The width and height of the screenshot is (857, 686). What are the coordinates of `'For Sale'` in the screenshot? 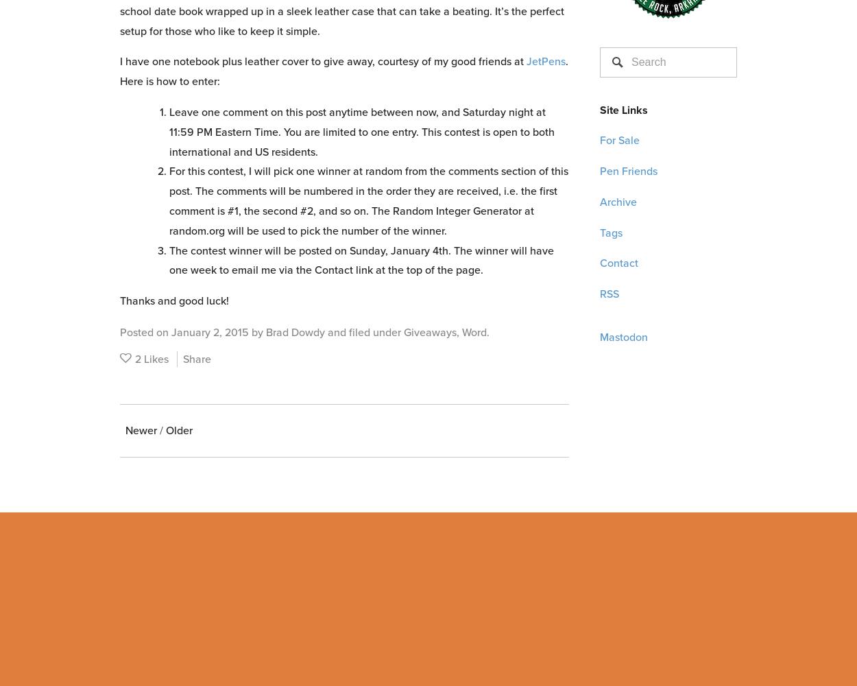 It's located at (600, 139).